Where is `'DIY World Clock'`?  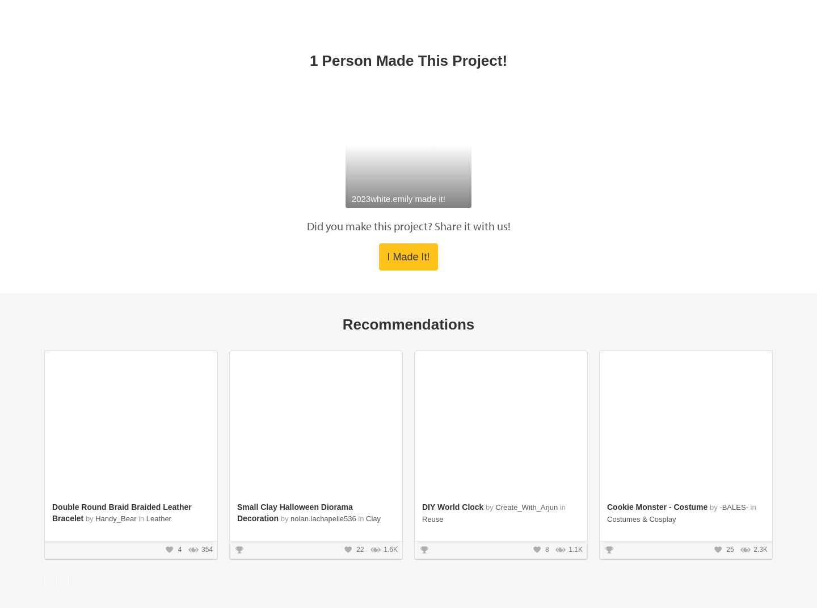
'DIY World Clock' is located at coordinates (453, 244).